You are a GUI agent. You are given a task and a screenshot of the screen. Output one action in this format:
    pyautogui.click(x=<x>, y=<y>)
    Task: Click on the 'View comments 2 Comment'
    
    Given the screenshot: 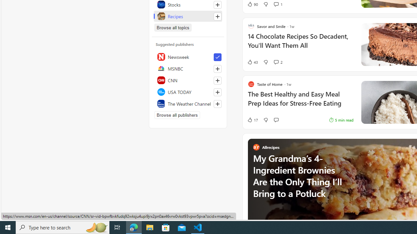 What is the action you would take?
    pyautogui.click(x=276, y=62)
    